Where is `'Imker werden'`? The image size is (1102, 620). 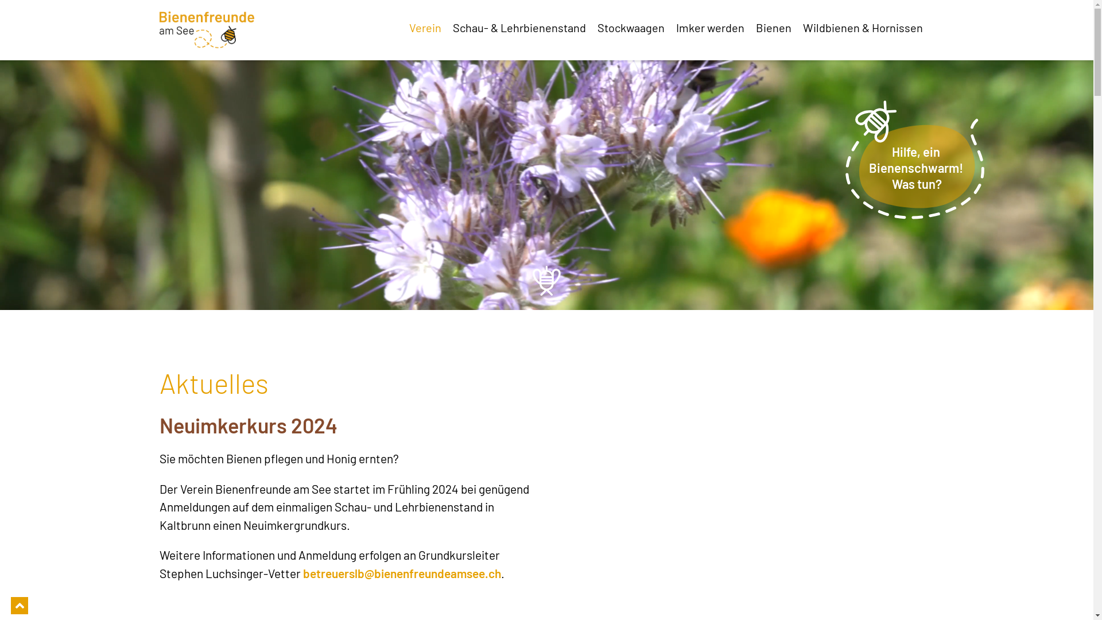 'Imker werden' is located at coordinates (715, 26).